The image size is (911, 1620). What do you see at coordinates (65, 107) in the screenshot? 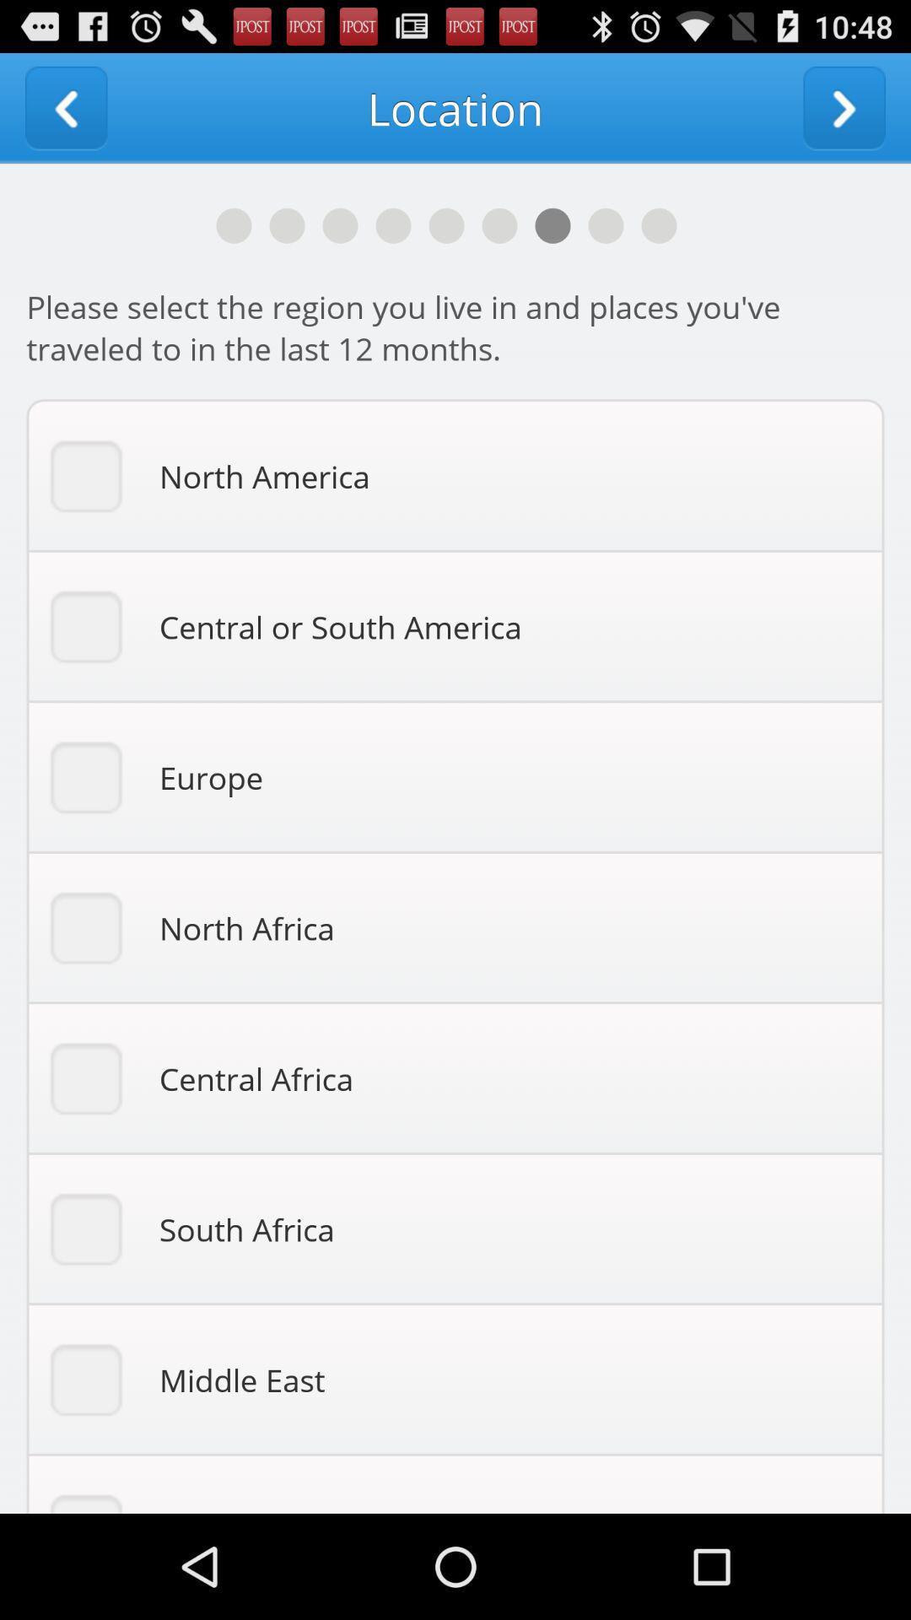
I see `previous screen` at bounding box center [65, 107].